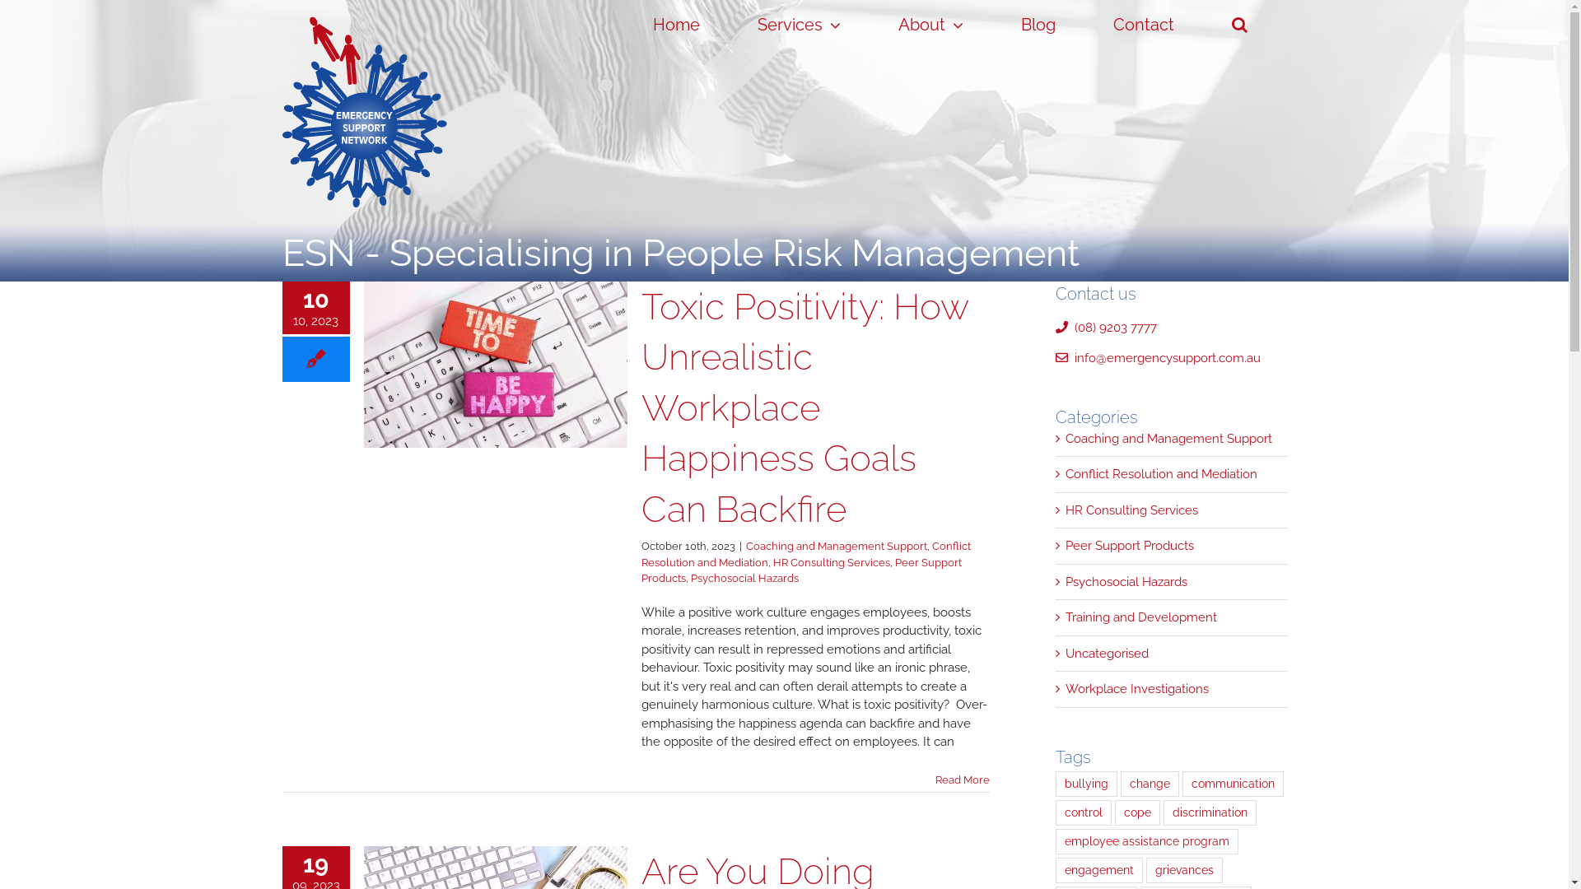 Image resolution: width=1581 pixels, height=889 pixels. Describe the element at coordinates (1171, 652) in the screenshot. I see `'Uncategorised'` at that location.